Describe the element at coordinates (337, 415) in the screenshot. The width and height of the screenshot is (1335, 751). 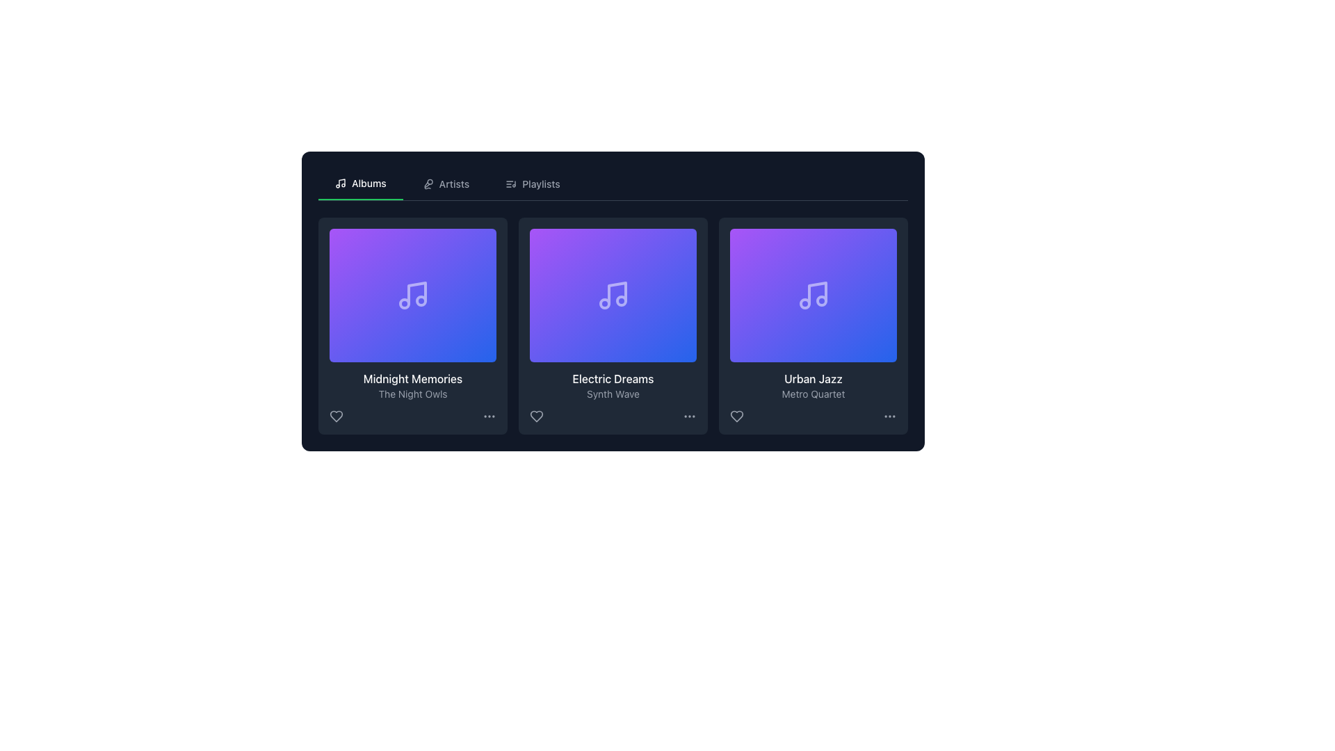
I see `the heart icon at the bottom-left of the 'Midnight Memories' album card` at that location.